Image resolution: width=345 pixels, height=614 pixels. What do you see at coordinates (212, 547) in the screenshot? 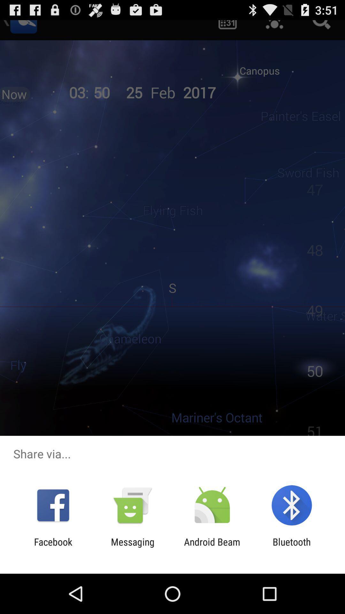
I see `the app next to the bluetooth icon` at bounding box center [212, 547].